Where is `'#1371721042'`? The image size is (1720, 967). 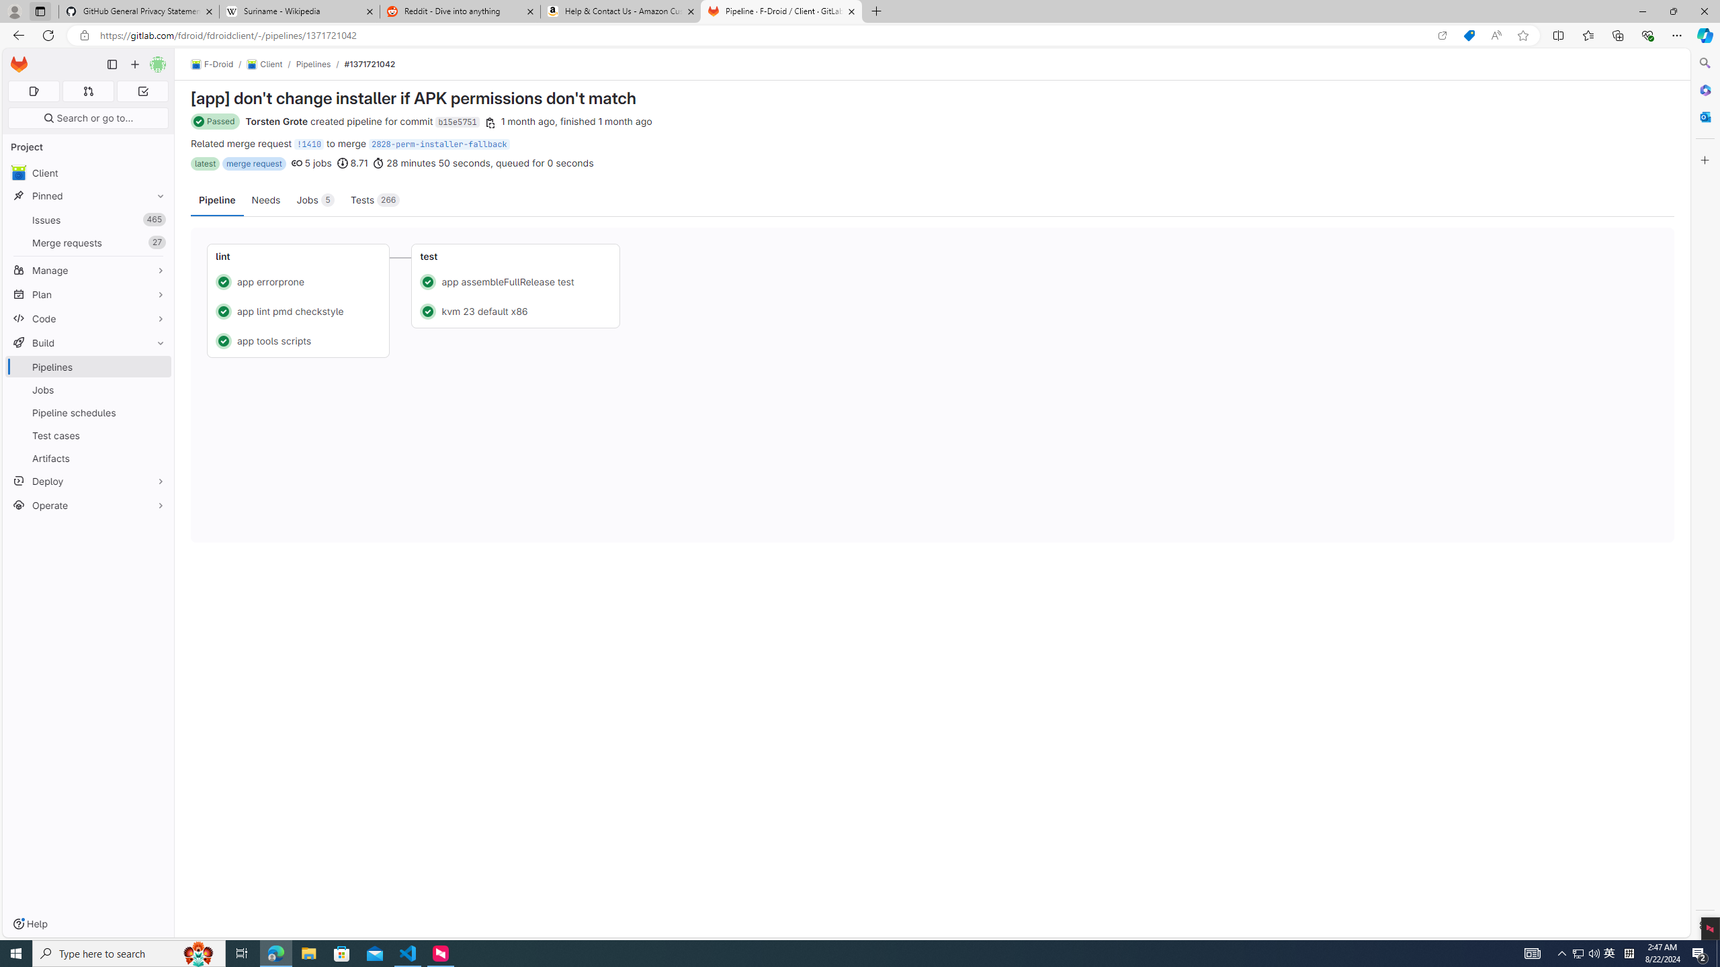 '#1371721042' is located at coordinates (370, 64).